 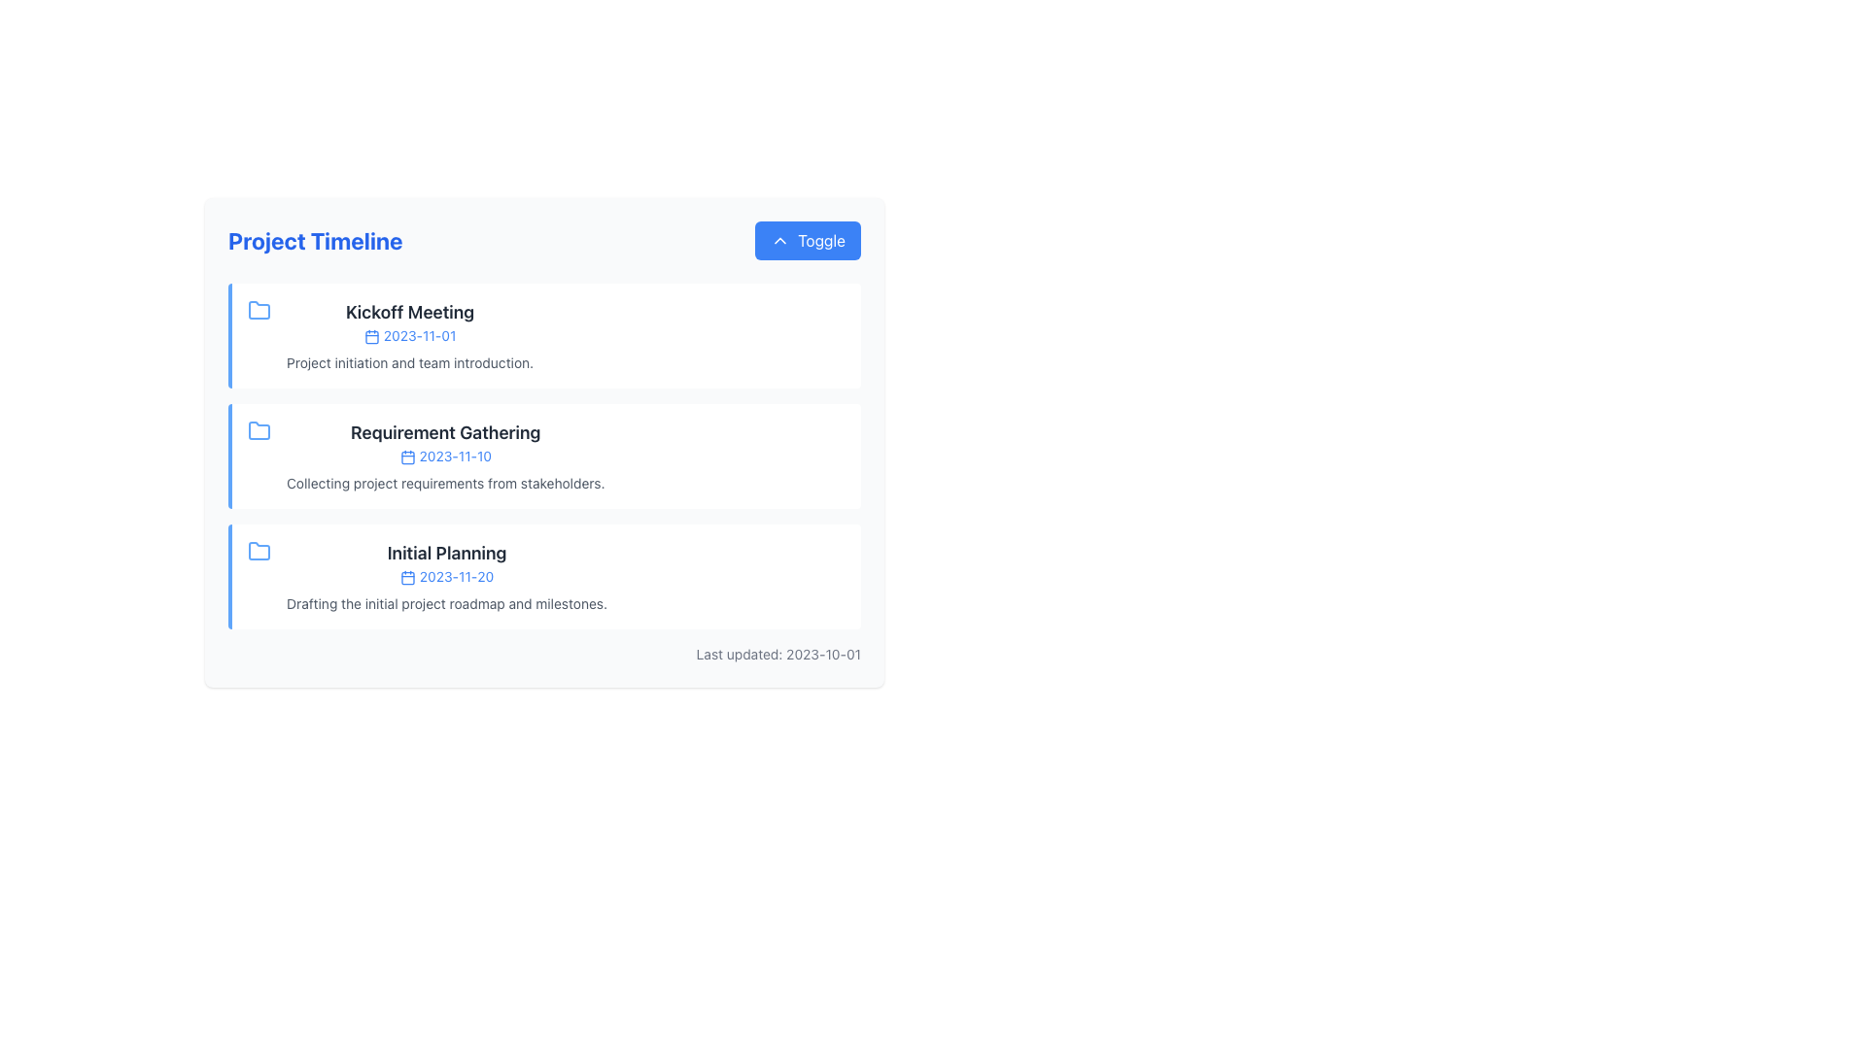 I want to click on the structural graphical component of the calendar icon in the 'Initial Planning' section of the project timeline, so click(x=406, y=577).